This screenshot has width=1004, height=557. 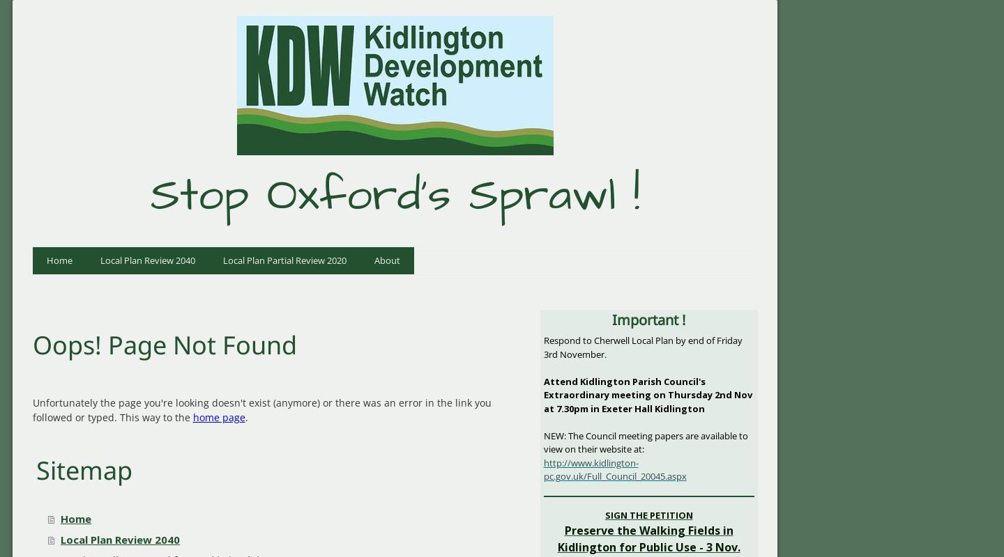 What do you see at coordinates (648, 515) in the screenshot?
I see `'SIGN THE PETITION'` at bounding box center [648, 515].